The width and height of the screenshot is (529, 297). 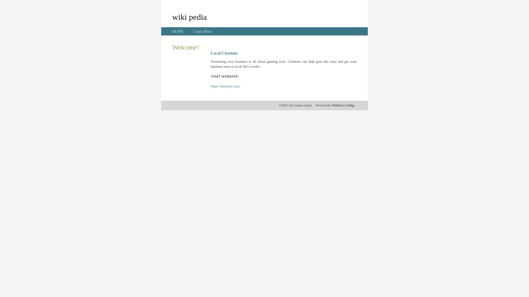 I want to click on 'Websites Listing', so click(x=342, y=105).